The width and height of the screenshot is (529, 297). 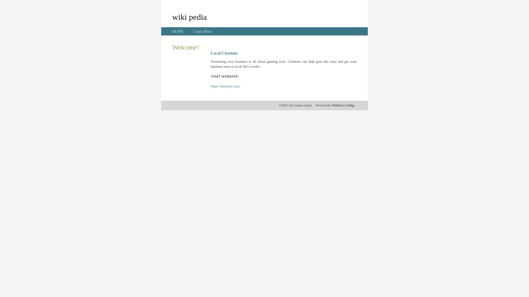 I want to click on 'Websites Listing', so click(x=342, y=105).